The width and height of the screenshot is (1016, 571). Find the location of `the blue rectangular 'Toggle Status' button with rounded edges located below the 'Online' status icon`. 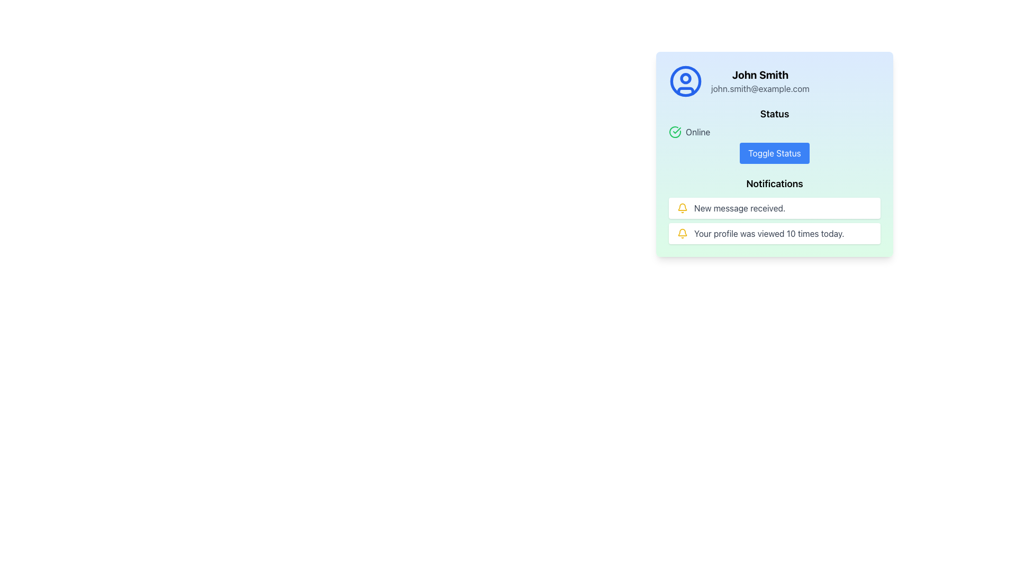

the blue rectangular 'Toggle Status' button with rounded edges located below the 'Online' status icon is located at coordinates (775, 153).